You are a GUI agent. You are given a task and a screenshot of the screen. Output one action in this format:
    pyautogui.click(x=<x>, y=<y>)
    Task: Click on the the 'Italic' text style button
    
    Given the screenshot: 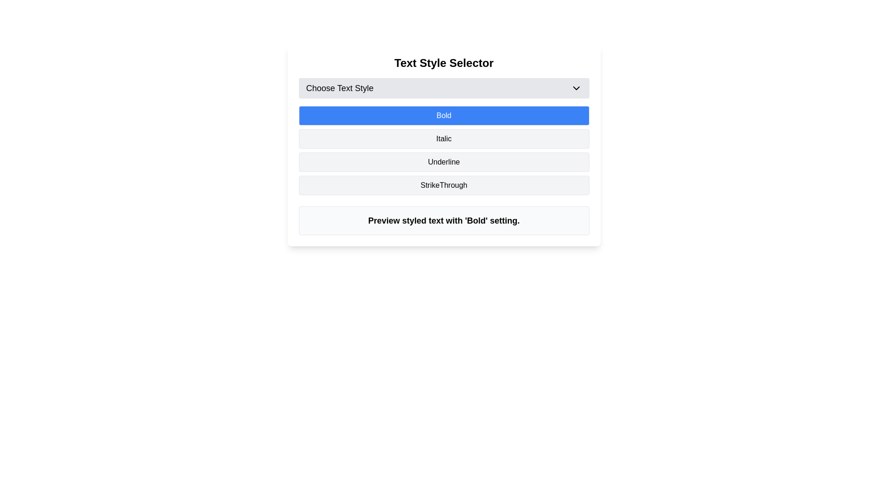 What is the action you would take?
    pyautogui.click(x=443, y=145)
    